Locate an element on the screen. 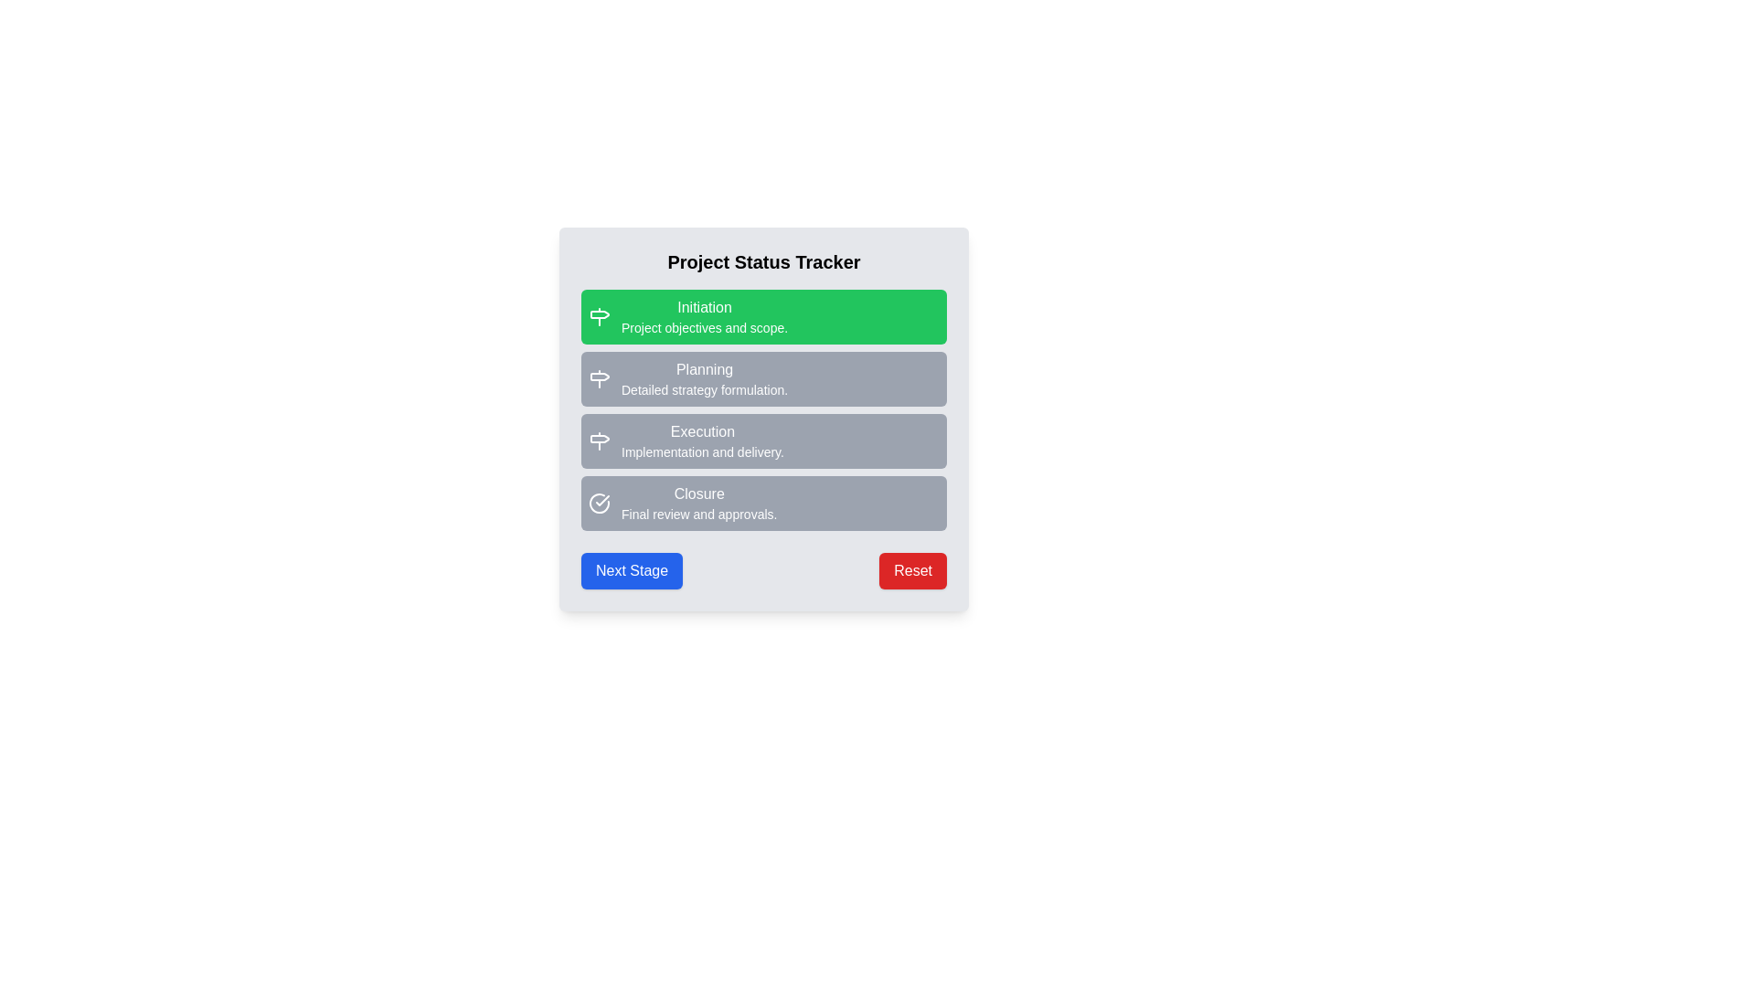 The image size is (1755, 987). the curved segment of the circular design that represents the 'Closure' stage of the project tracker is located at coordinates (600, 504).